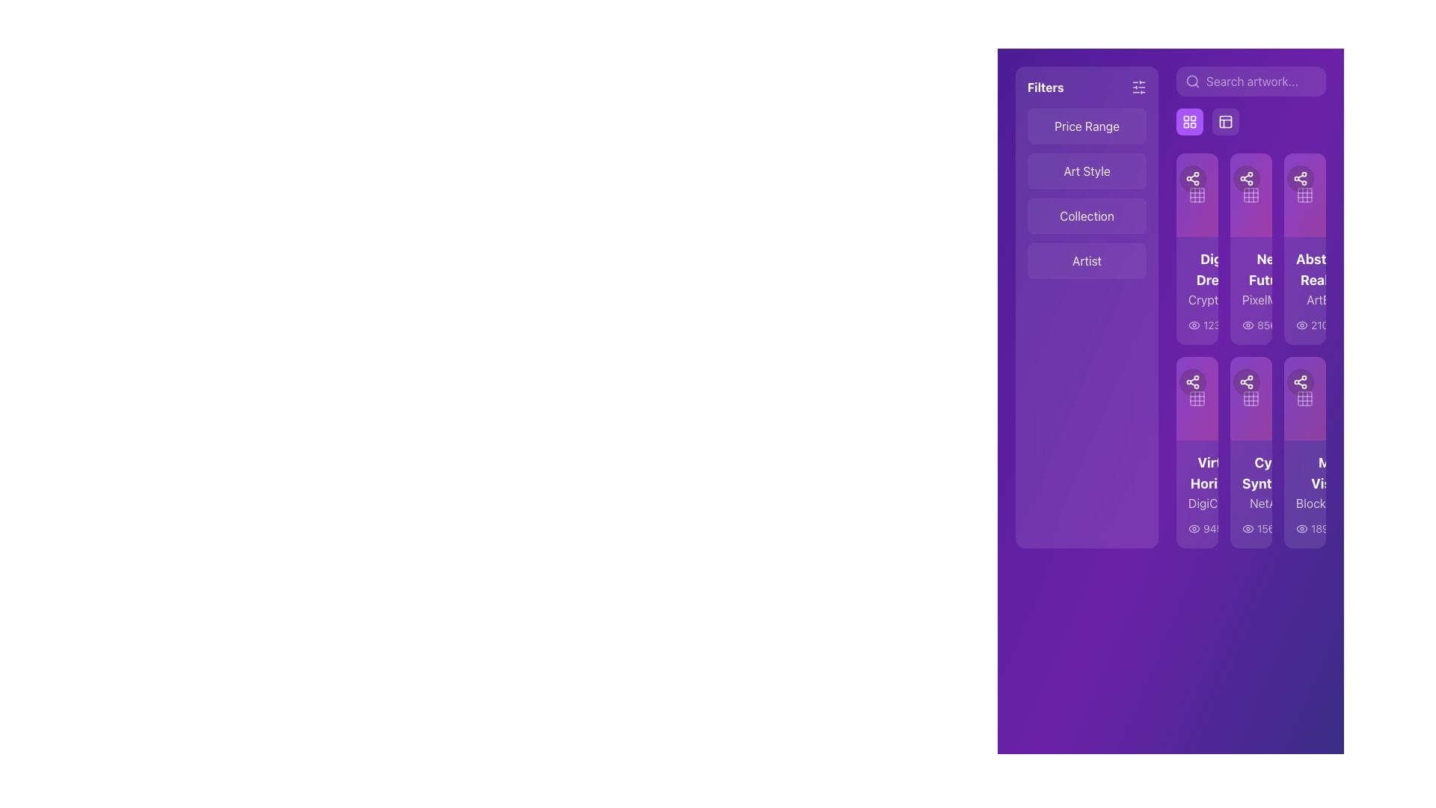  I want to click on the visibility icon located leftmost in the group containing the text '2100' in the third horizontal card of the right-hand grid structure, so click(1301, 325).